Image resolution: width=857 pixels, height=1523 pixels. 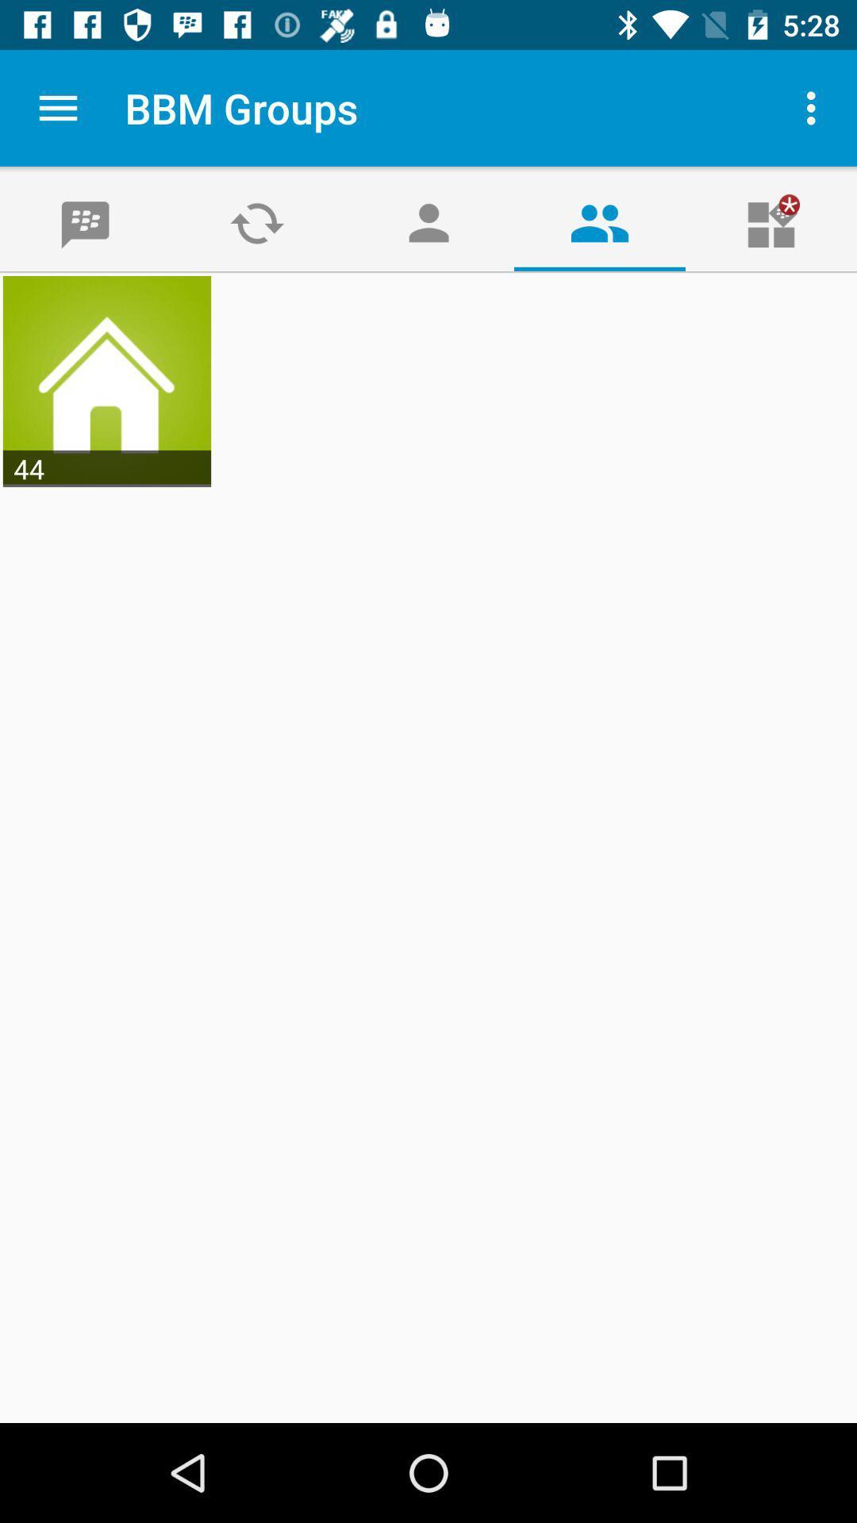 I want to click on the avatar icon, so click(x=428, y=222).